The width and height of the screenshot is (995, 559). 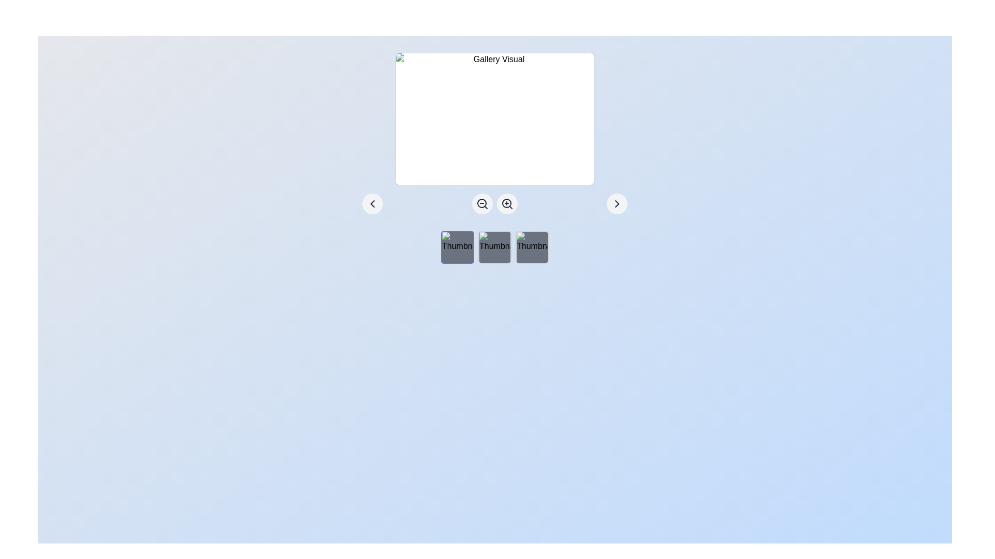 I want to click on the second interactive thumbnail in the gallery interface, so click(x=494, y=247).